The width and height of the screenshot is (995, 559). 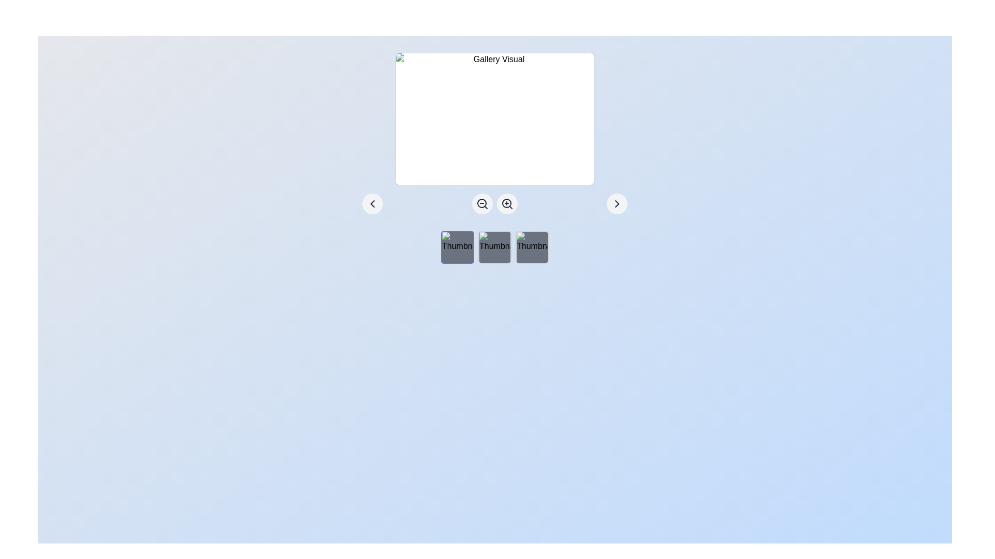 I want to click on the second interactive thumbnail in the gallery interface, so click(x=494, y=247).